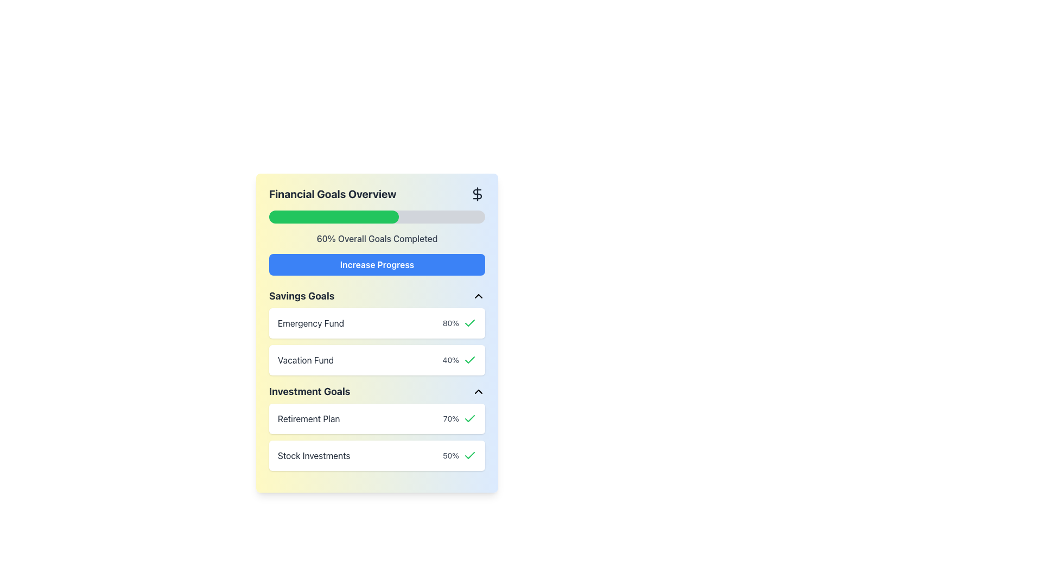 The width and height of the screenshot is (1042, 586). What do you see at coordinates (377, 456) in the screenshot?
I see `the last list item in the 'Investment Goals' section, which represents the user's investment in stocks and shows its progress percentage and completion status` at bounding box center [377, 456].